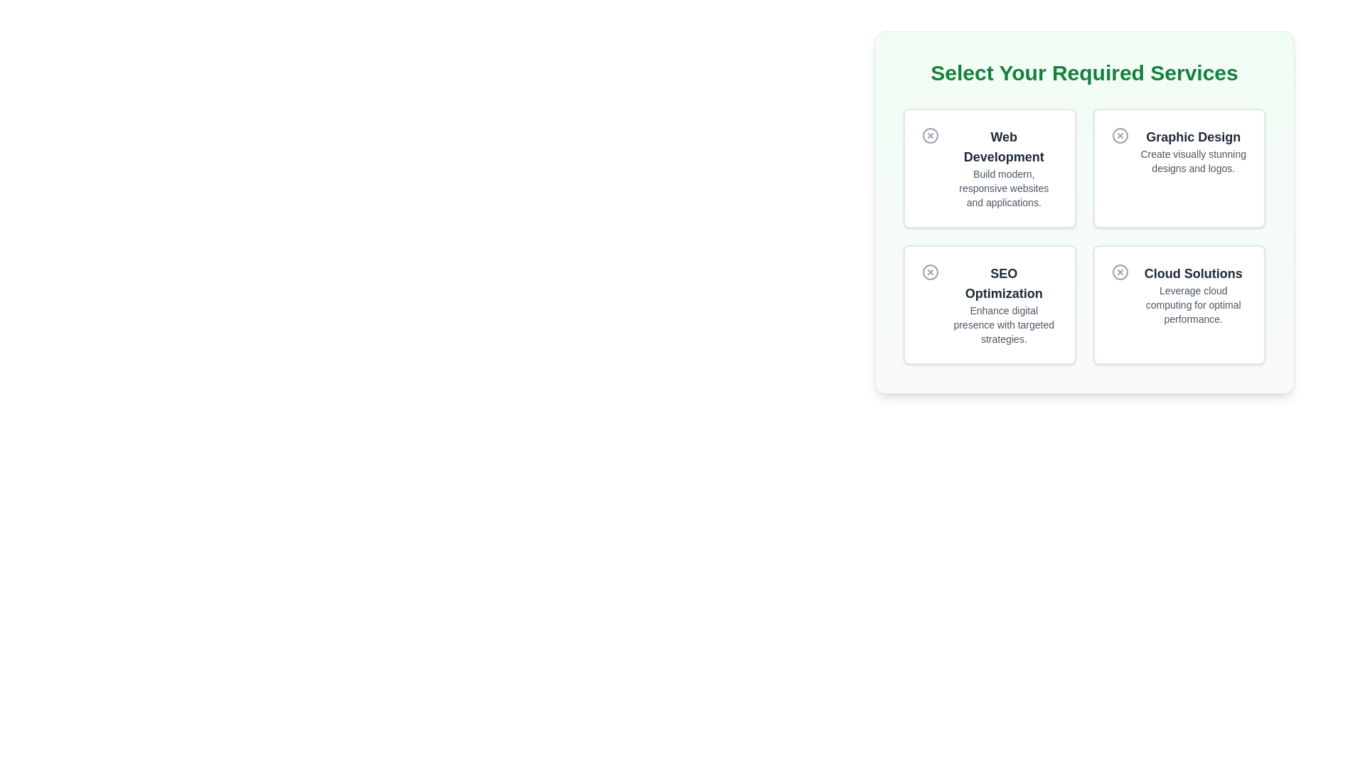  I want to click on the static text element that reads 'Build modern, responsive websites and applications.' which is located directly below the title 'Web Development' in the top-left quadrant of the card labeled 'Web Development', so click(1003, 188).